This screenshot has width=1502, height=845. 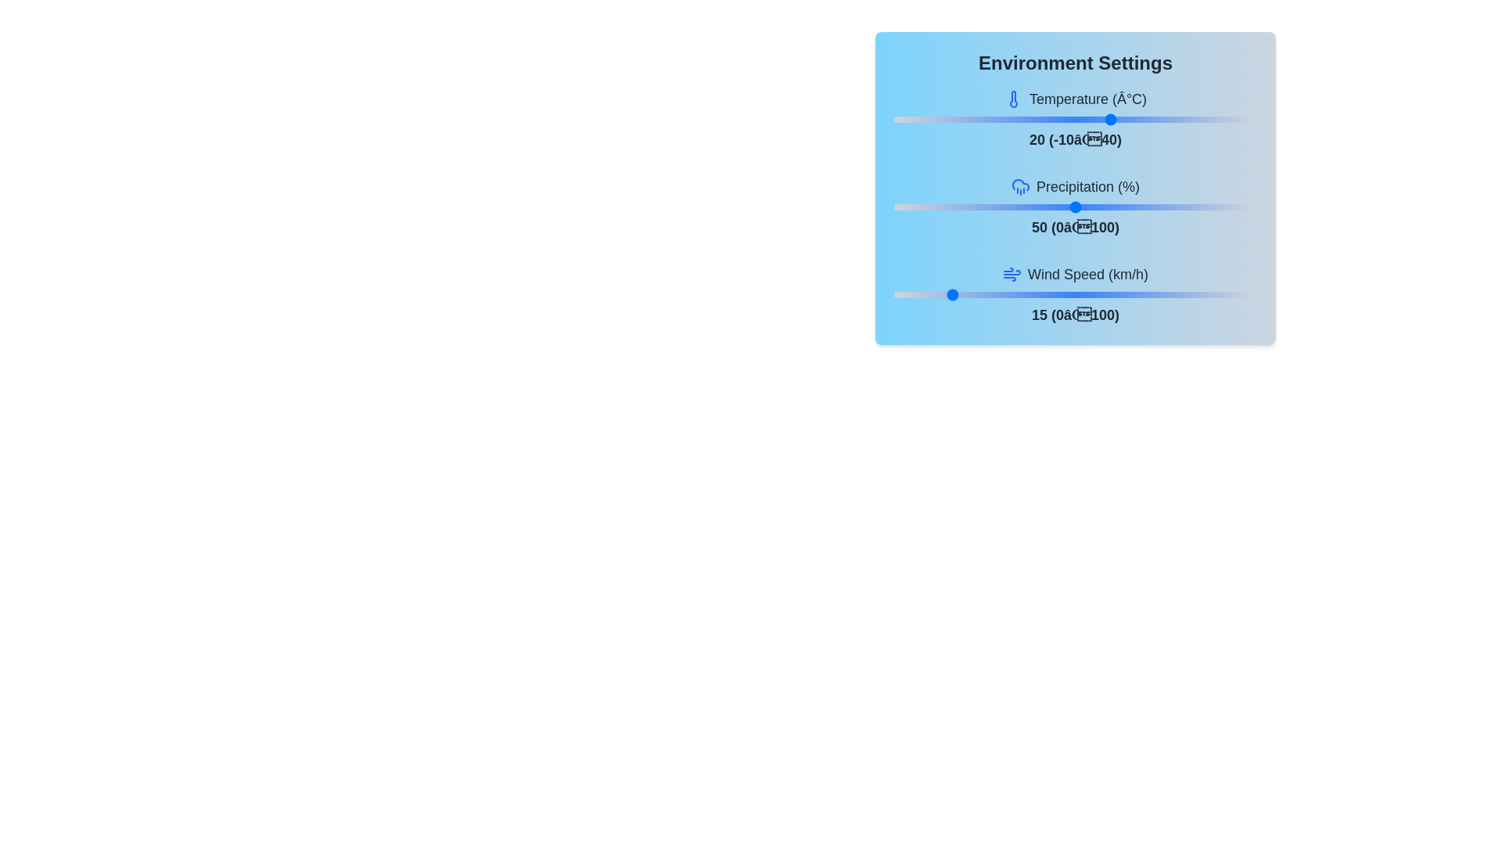 What do you see at coordinates (1173, 295) in the screenshot?
I see `wind speed` at bounding box center [1173, 295].